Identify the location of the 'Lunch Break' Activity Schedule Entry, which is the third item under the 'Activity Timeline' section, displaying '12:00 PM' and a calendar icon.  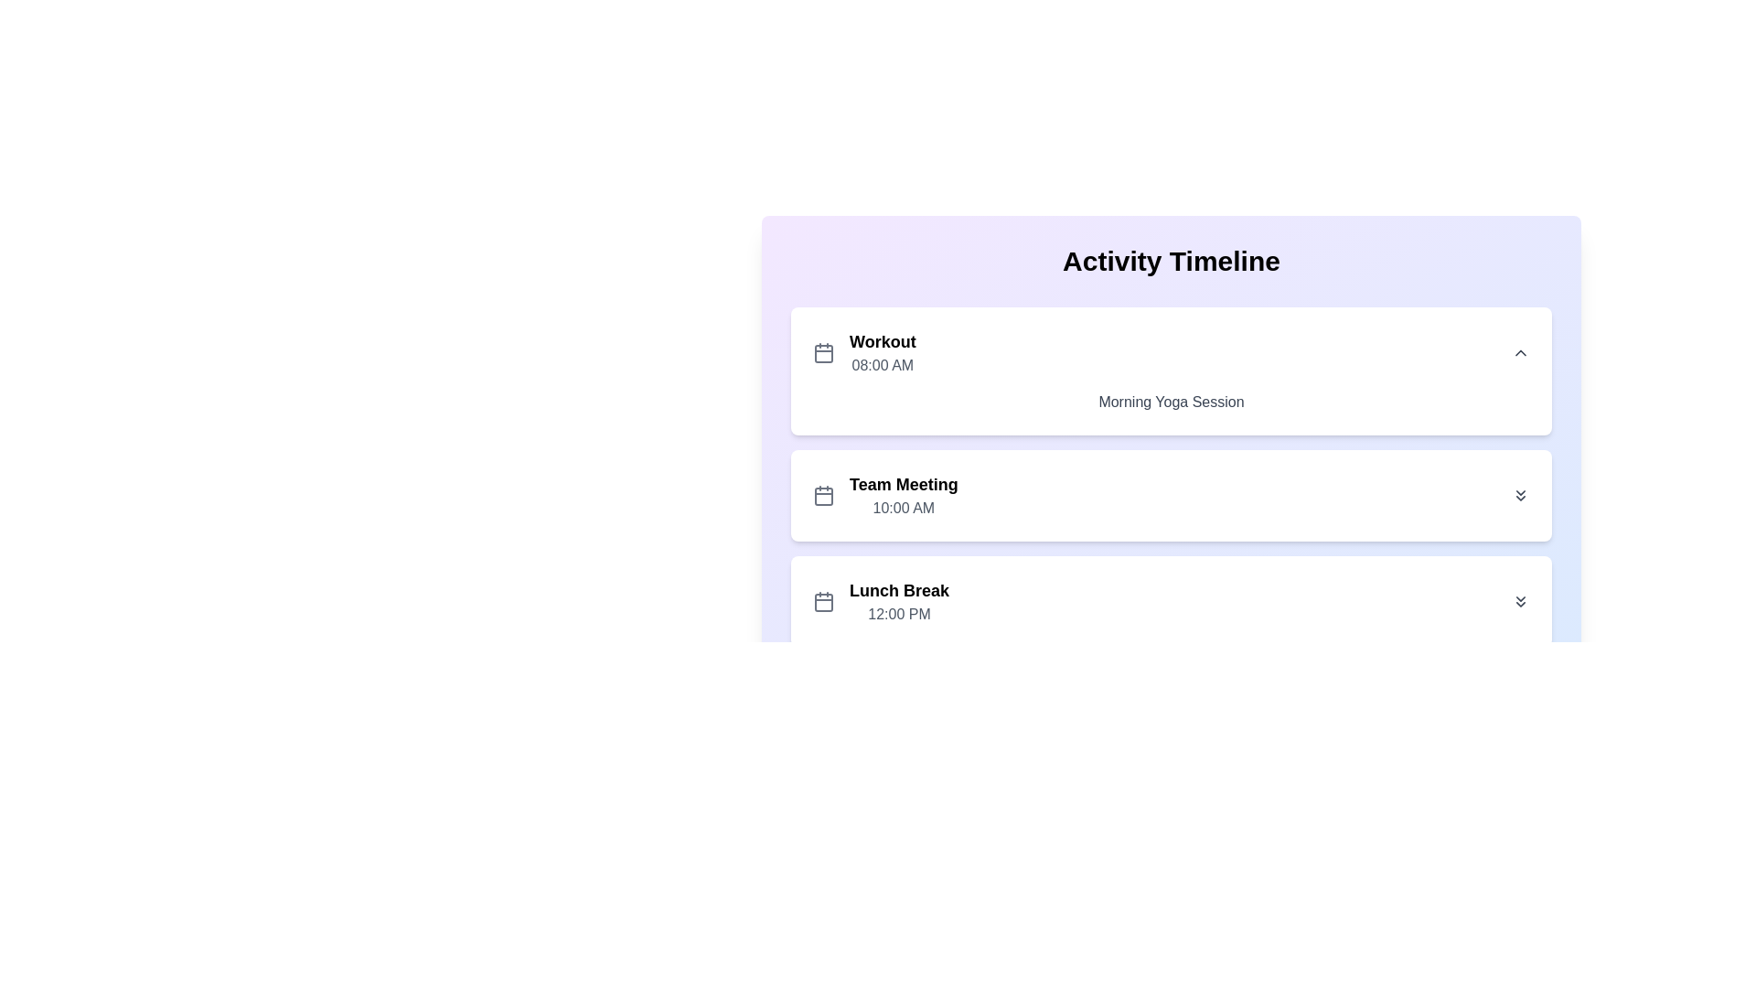
(881, 602).